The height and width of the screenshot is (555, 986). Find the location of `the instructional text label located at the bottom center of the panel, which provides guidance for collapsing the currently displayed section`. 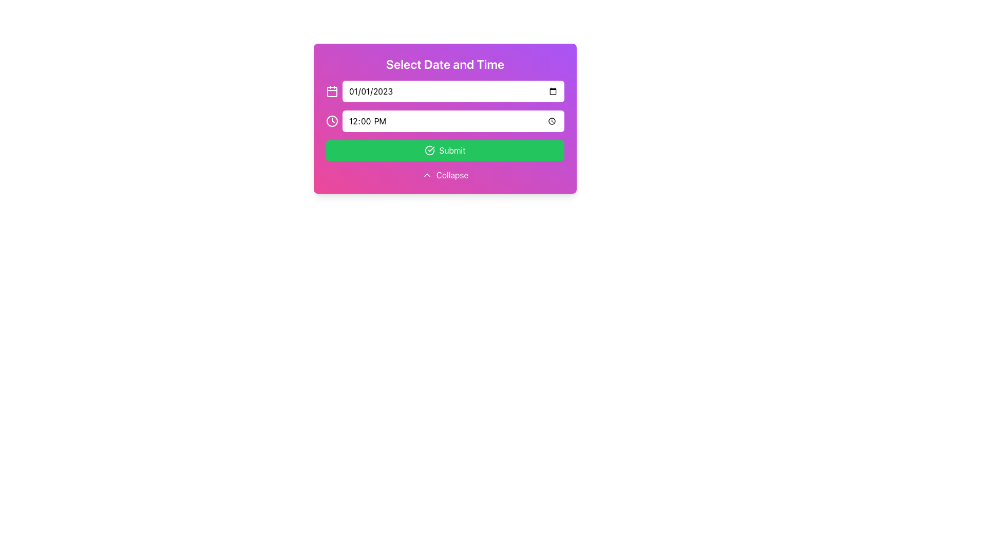

the instructional text label located at the bottom center of the panel, which provides guidance for collapsing the currently displayed section is located at coordinates (452, 174).